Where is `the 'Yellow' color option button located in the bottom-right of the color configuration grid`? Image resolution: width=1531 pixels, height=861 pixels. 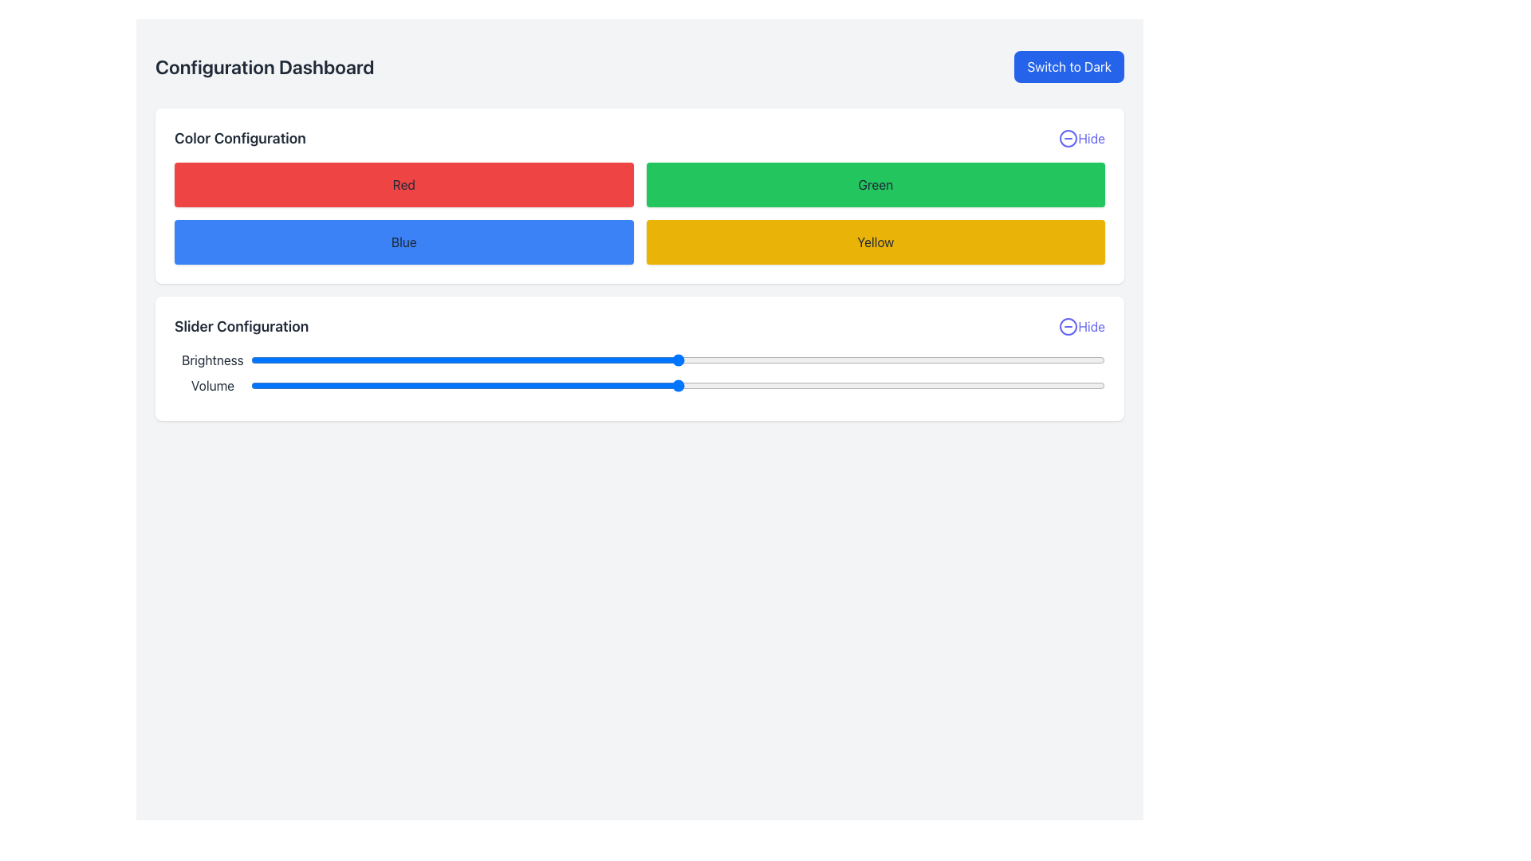 the 'Yellow' color option button located in the bottom-right of the color configuration grid is located at coordinates (875, 242).